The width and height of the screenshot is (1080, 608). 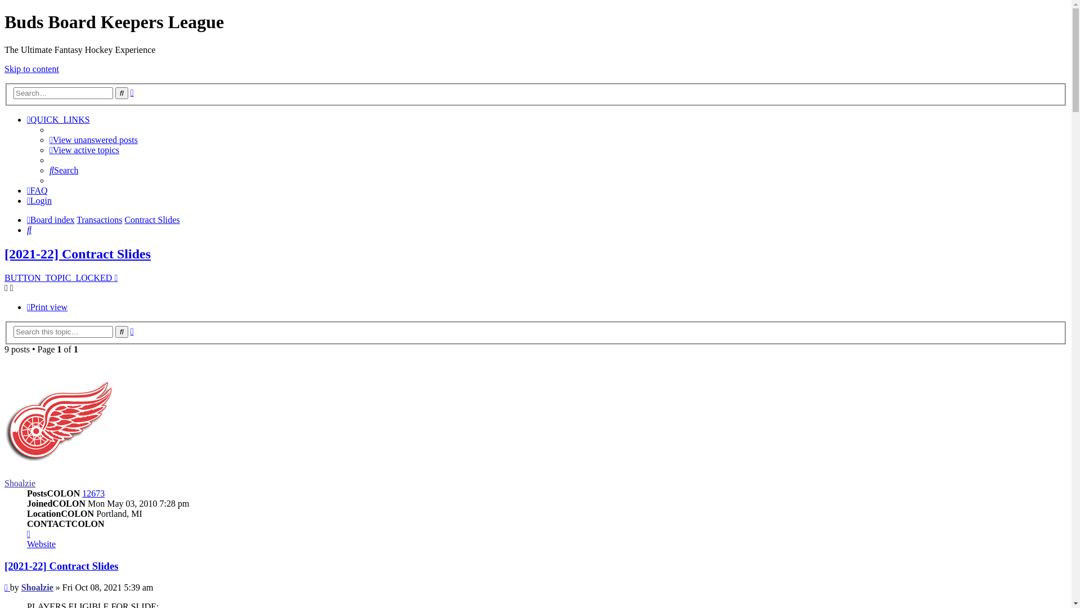 I want to click on 'BUTTON_TOPIC_LOCKED', so click(x=60, y=278).